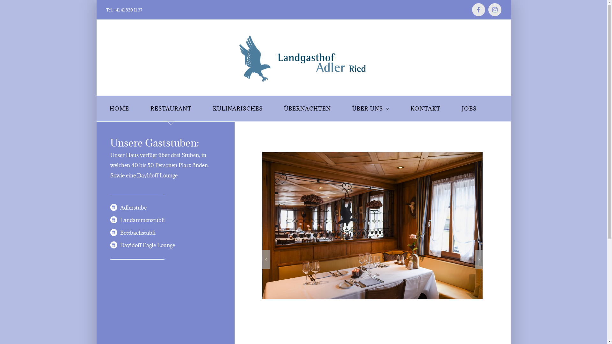  What do you see at coordinates (147, 245) in the screenshot?
I see `'Davidoff Eagle Lounge'` at bounding box center [147, 245].